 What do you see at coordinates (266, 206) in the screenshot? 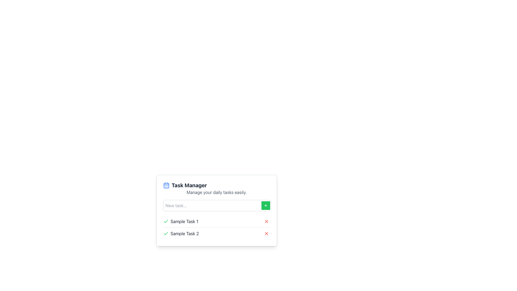
I see `the add task icon located at the center of the green button to the right of the 'New Task...' input box in the task manager interface for tooltip or visual feedback` at bounding box center [266, 206].